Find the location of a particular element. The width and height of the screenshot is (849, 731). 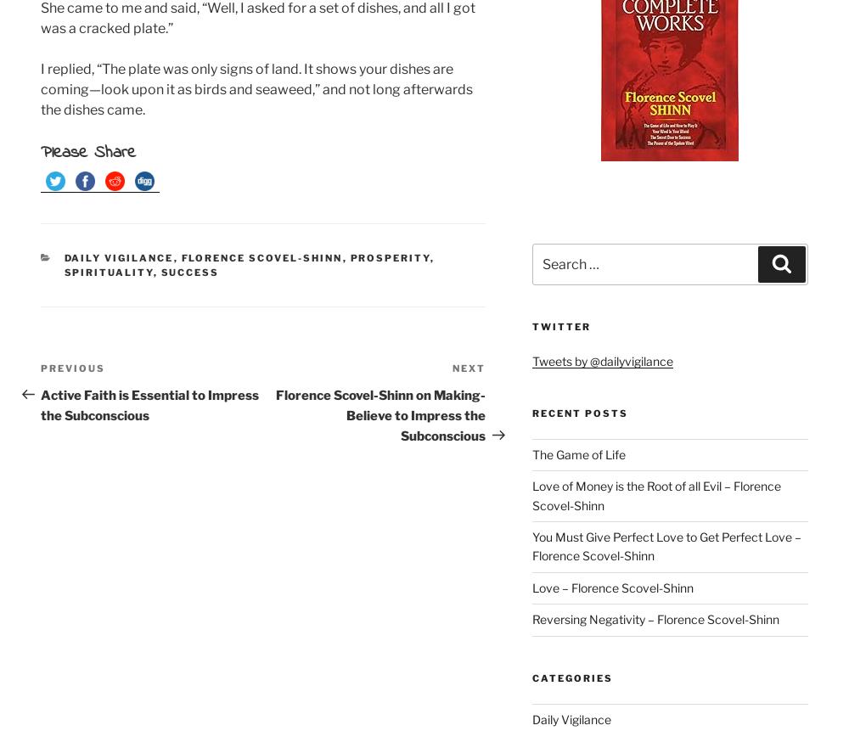

'Love of Money is the Root of all Evil – Florence Scovel-Shinn' is located at coordinates (655, 494).